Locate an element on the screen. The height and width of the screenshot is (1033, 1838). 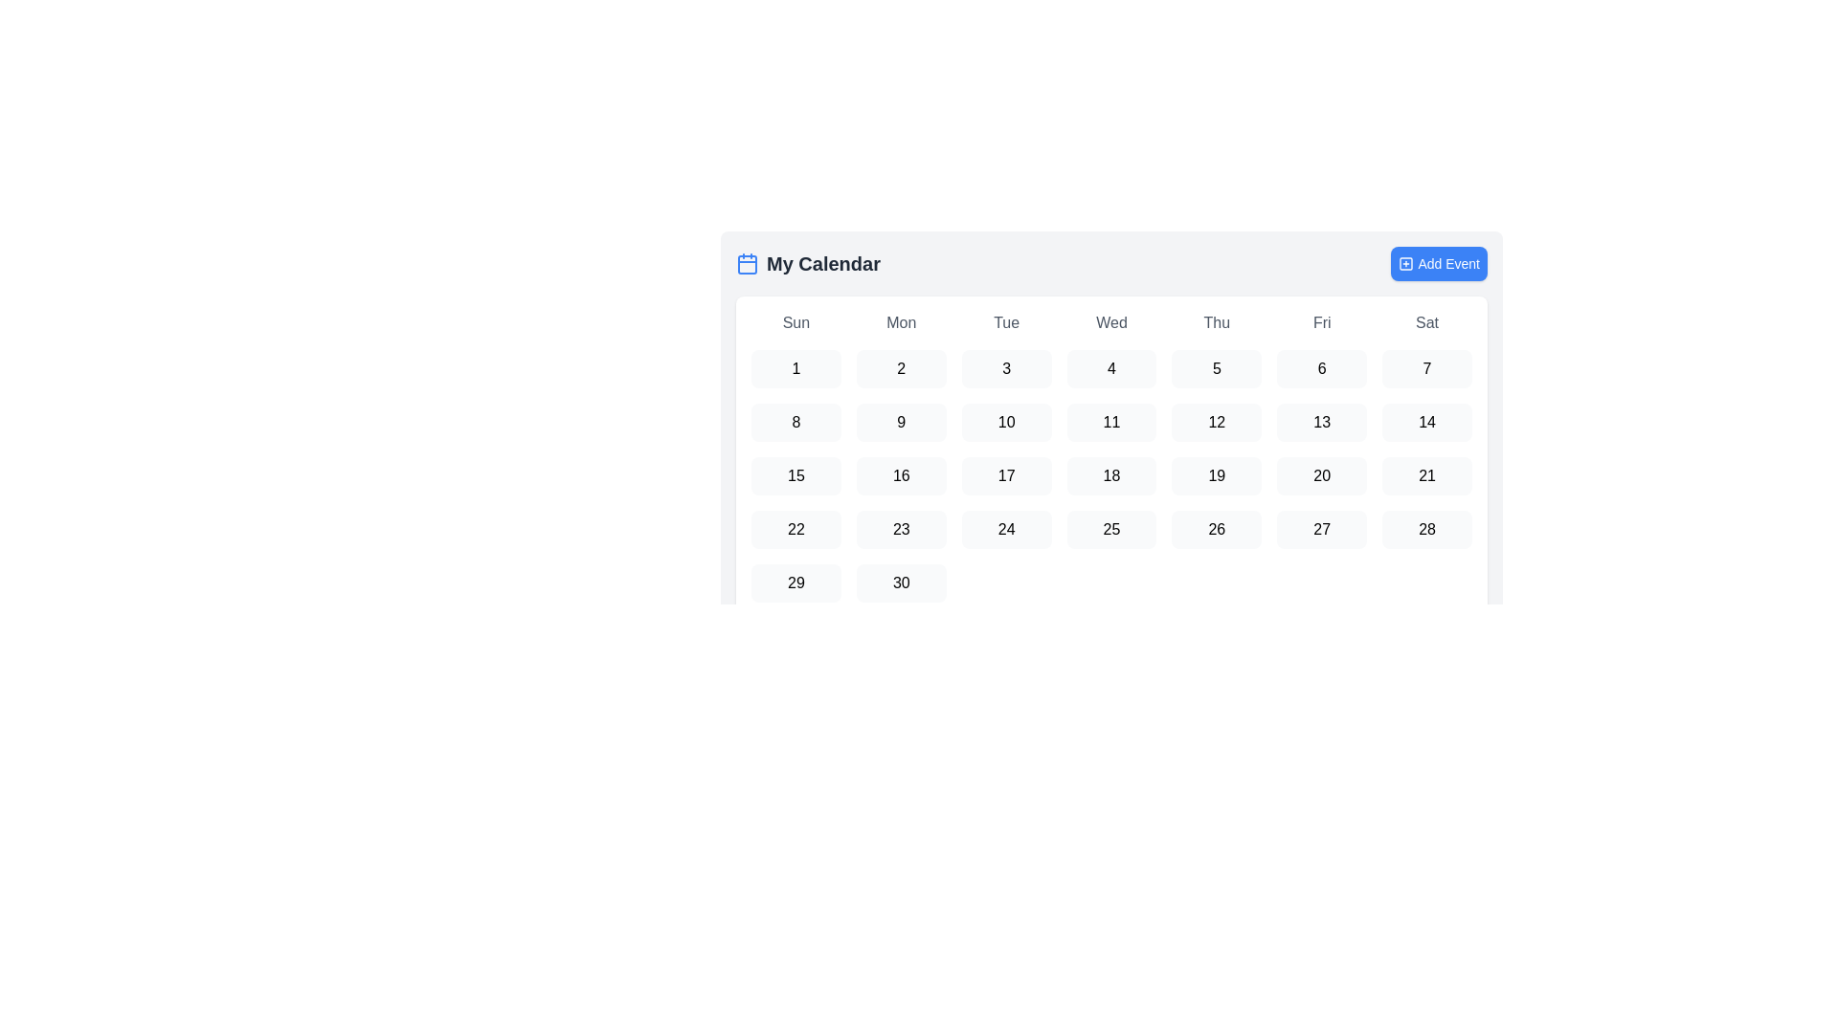
the calendar day tile representing the 5th day of the month for keyboard navigation is located at coordinates (1216, 368).